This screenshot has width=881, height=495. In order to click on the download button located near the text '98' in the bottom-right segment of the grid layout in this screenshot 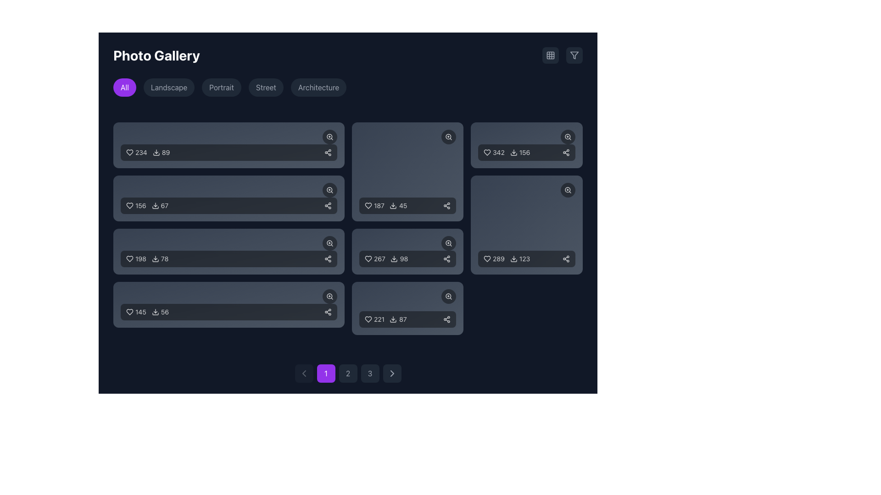, I will do `click(394, 258)`.